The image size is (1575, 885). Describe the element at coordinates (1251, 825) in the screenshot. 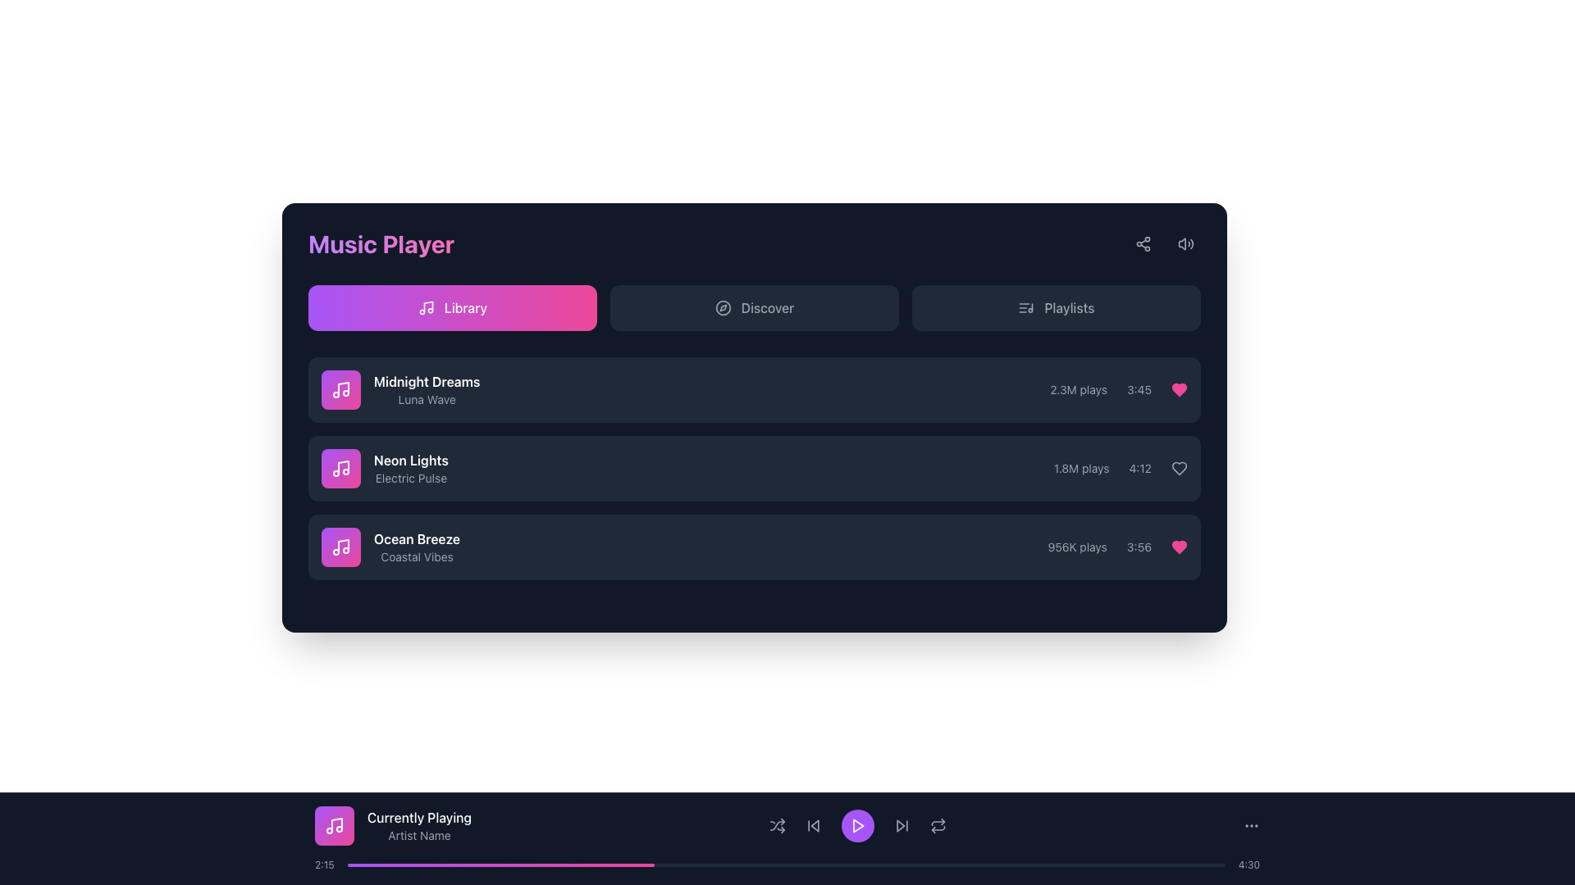

I see `the options menu icon button (three-dots icon) located in the bottom-right area of the music player interface for keyboard navigation` at that location.